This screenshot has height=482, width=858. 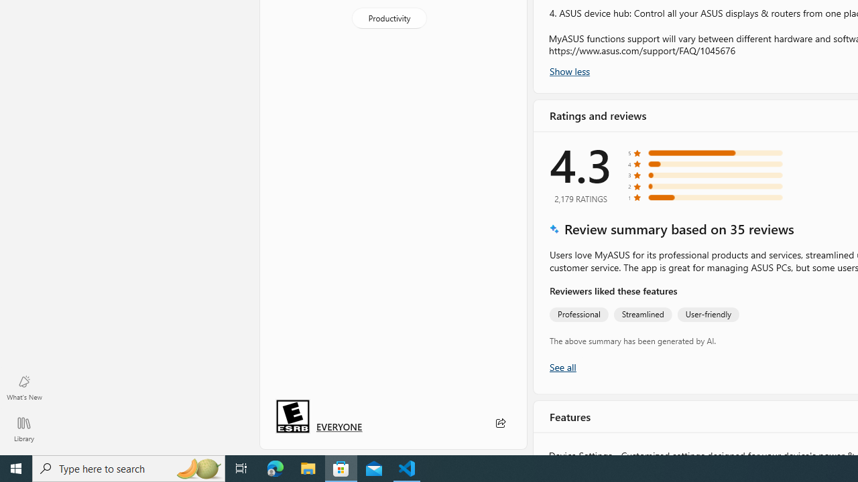 What do you see at coordinates (387, 18) in the screenshot?
I see `'Productivity'` at bounding box center [387, 18].